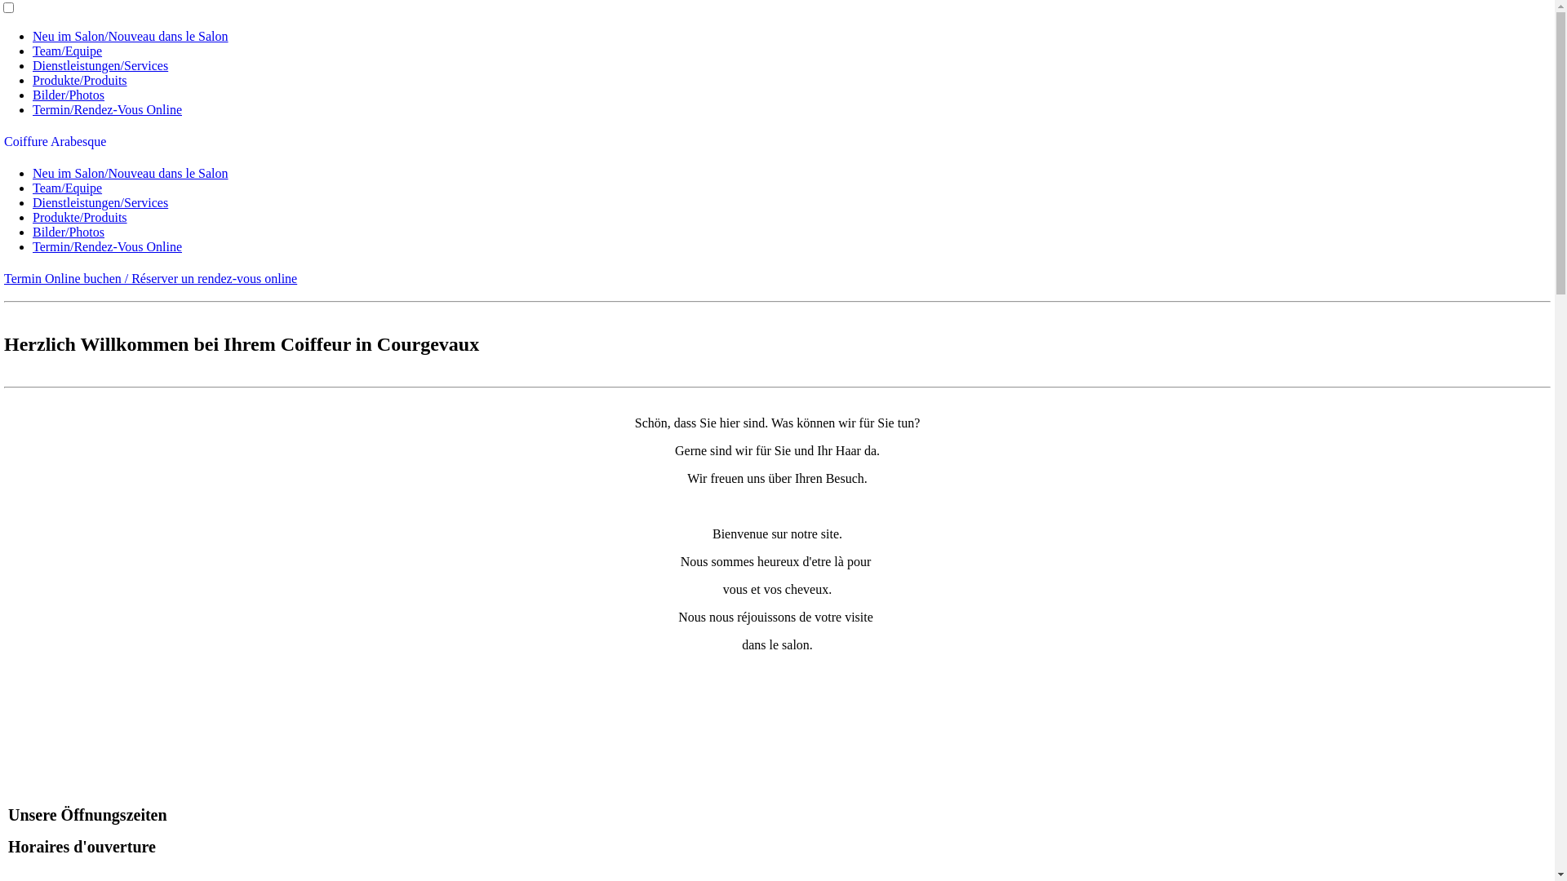  Describe the element at coordinates (32, 80) in the screenshot. I see `'Produkte/Produits'` at that location.